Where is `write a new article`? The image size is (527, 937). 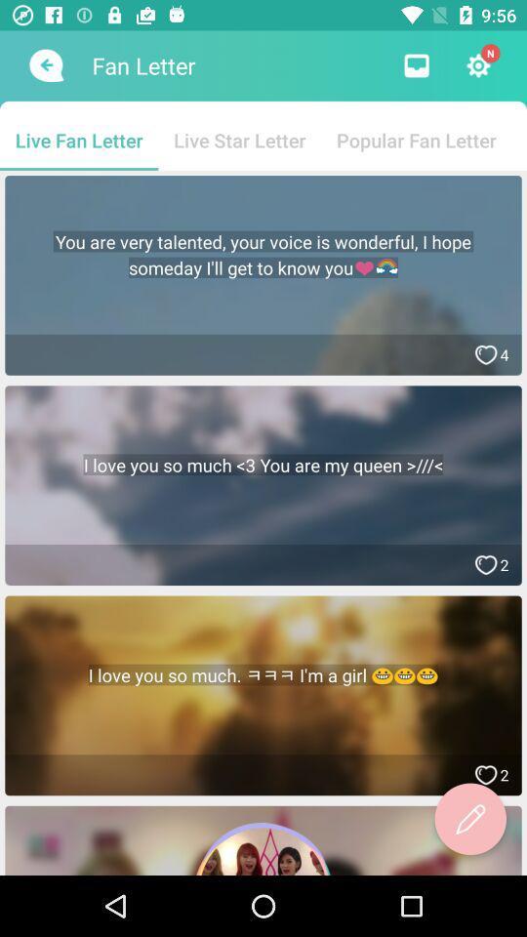
write a new article is located at coordinates (469, 819).